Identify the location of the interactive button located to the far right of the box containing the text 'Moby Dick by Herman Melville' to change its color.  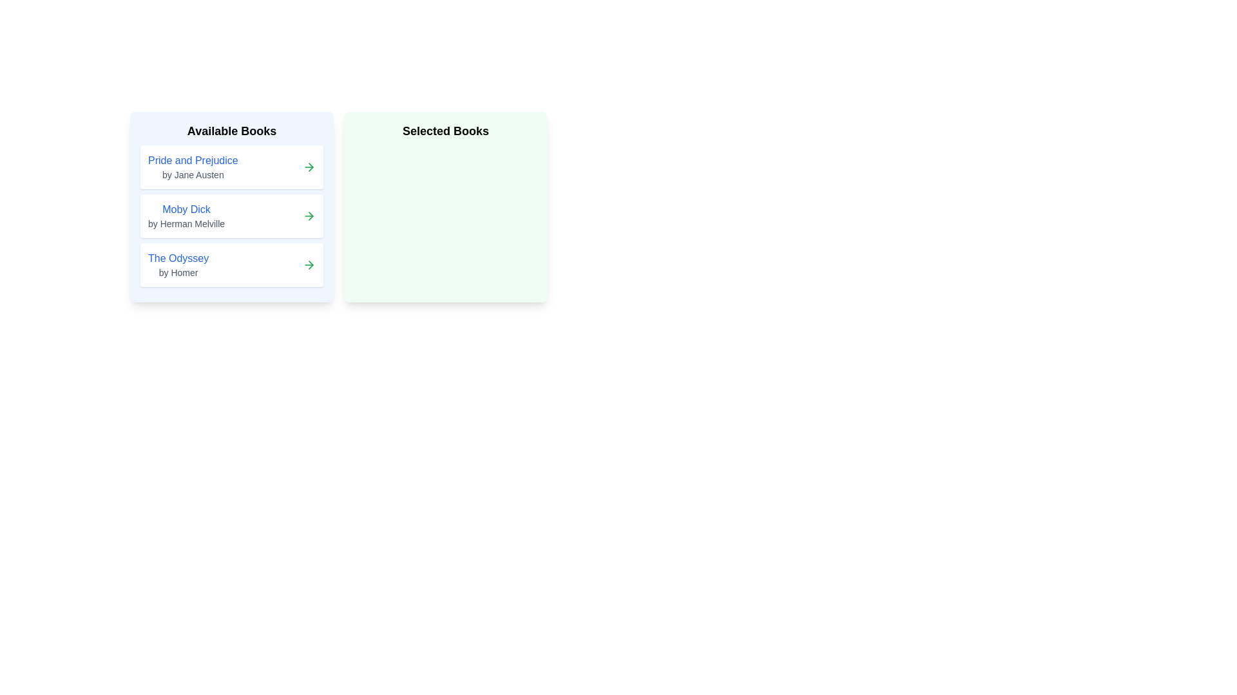
(309, 215).